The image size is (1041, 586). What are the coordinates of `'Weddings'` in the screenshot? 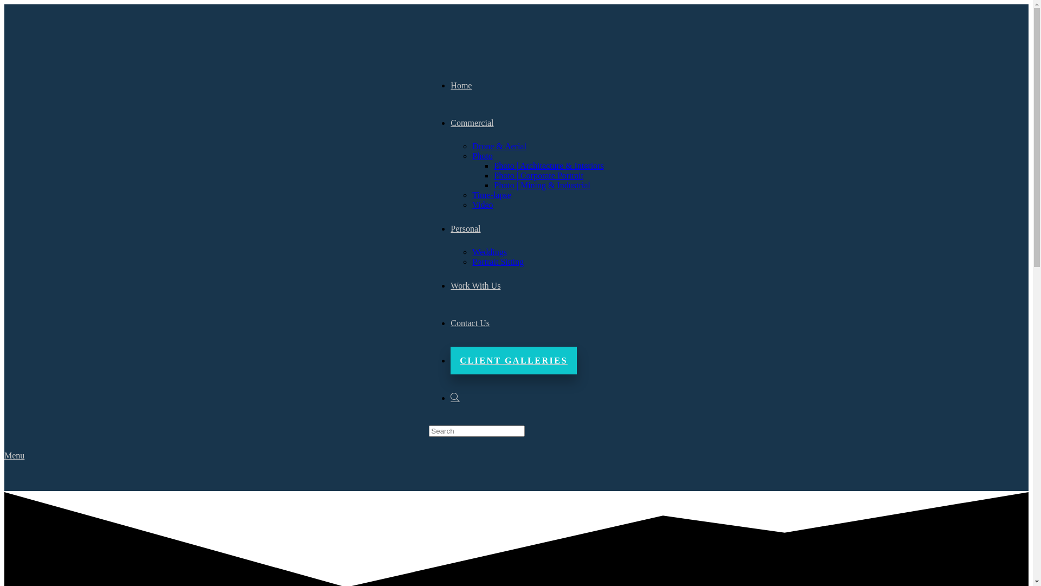 It's located at (489, 252).